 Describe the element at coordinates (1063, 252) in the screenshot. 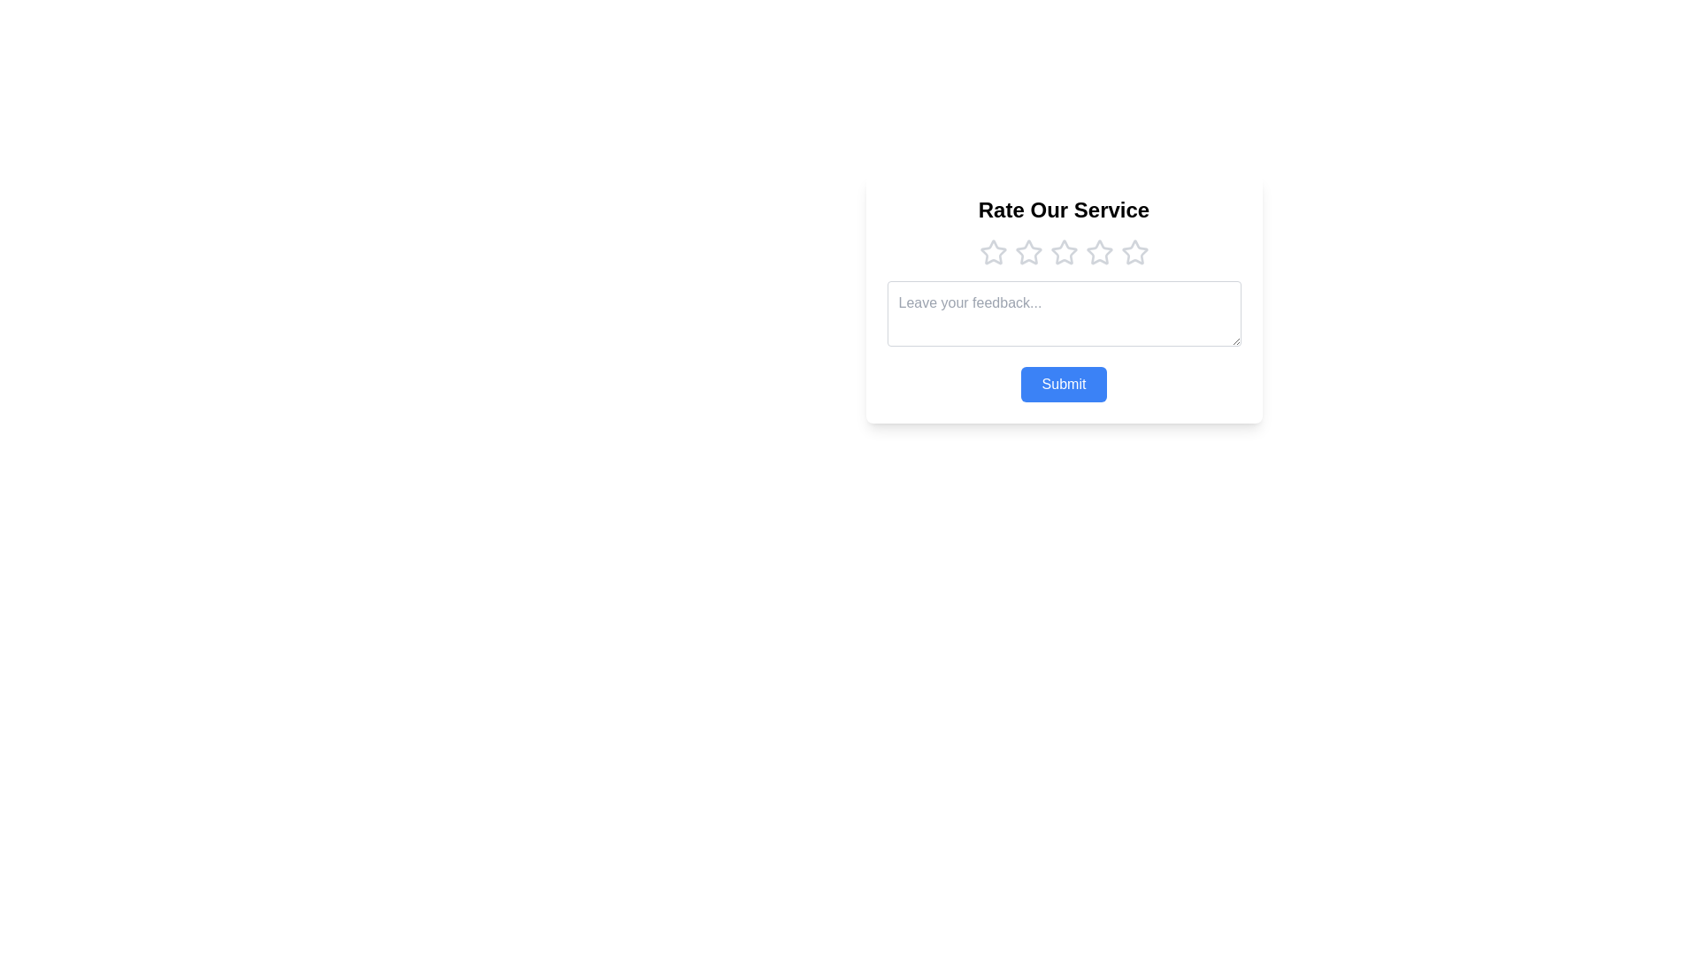

I see `the Row of interactive icons` at that location.